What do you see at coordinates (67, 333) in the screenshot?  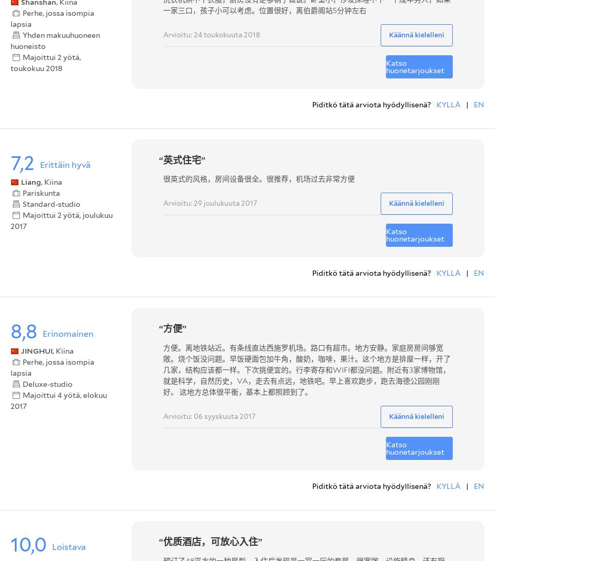 I see `'Erinomainen'` at bounding box center [67, 333].